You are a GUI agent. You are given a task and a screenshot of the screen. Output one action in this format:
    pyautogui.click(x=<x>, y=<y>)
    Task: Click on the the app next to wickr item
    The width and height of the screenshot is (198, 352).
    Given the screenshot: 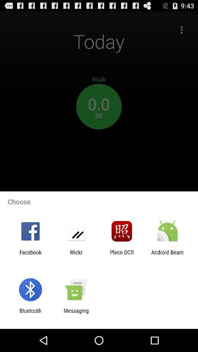 What is the action you would take?
    pyautogui.click(x=30, y=255)
    